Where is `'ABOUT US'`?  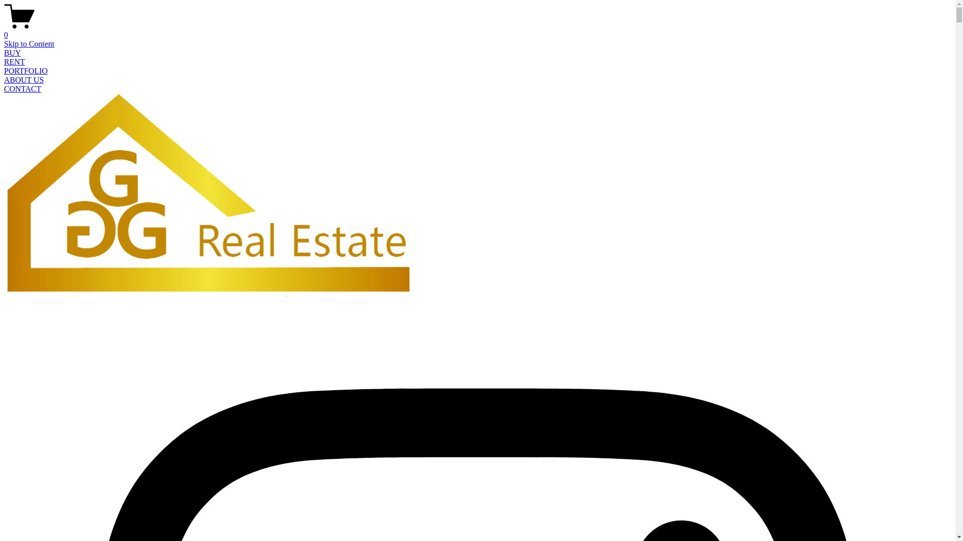
'ABOUT US' is located at coordinates (24, 79).